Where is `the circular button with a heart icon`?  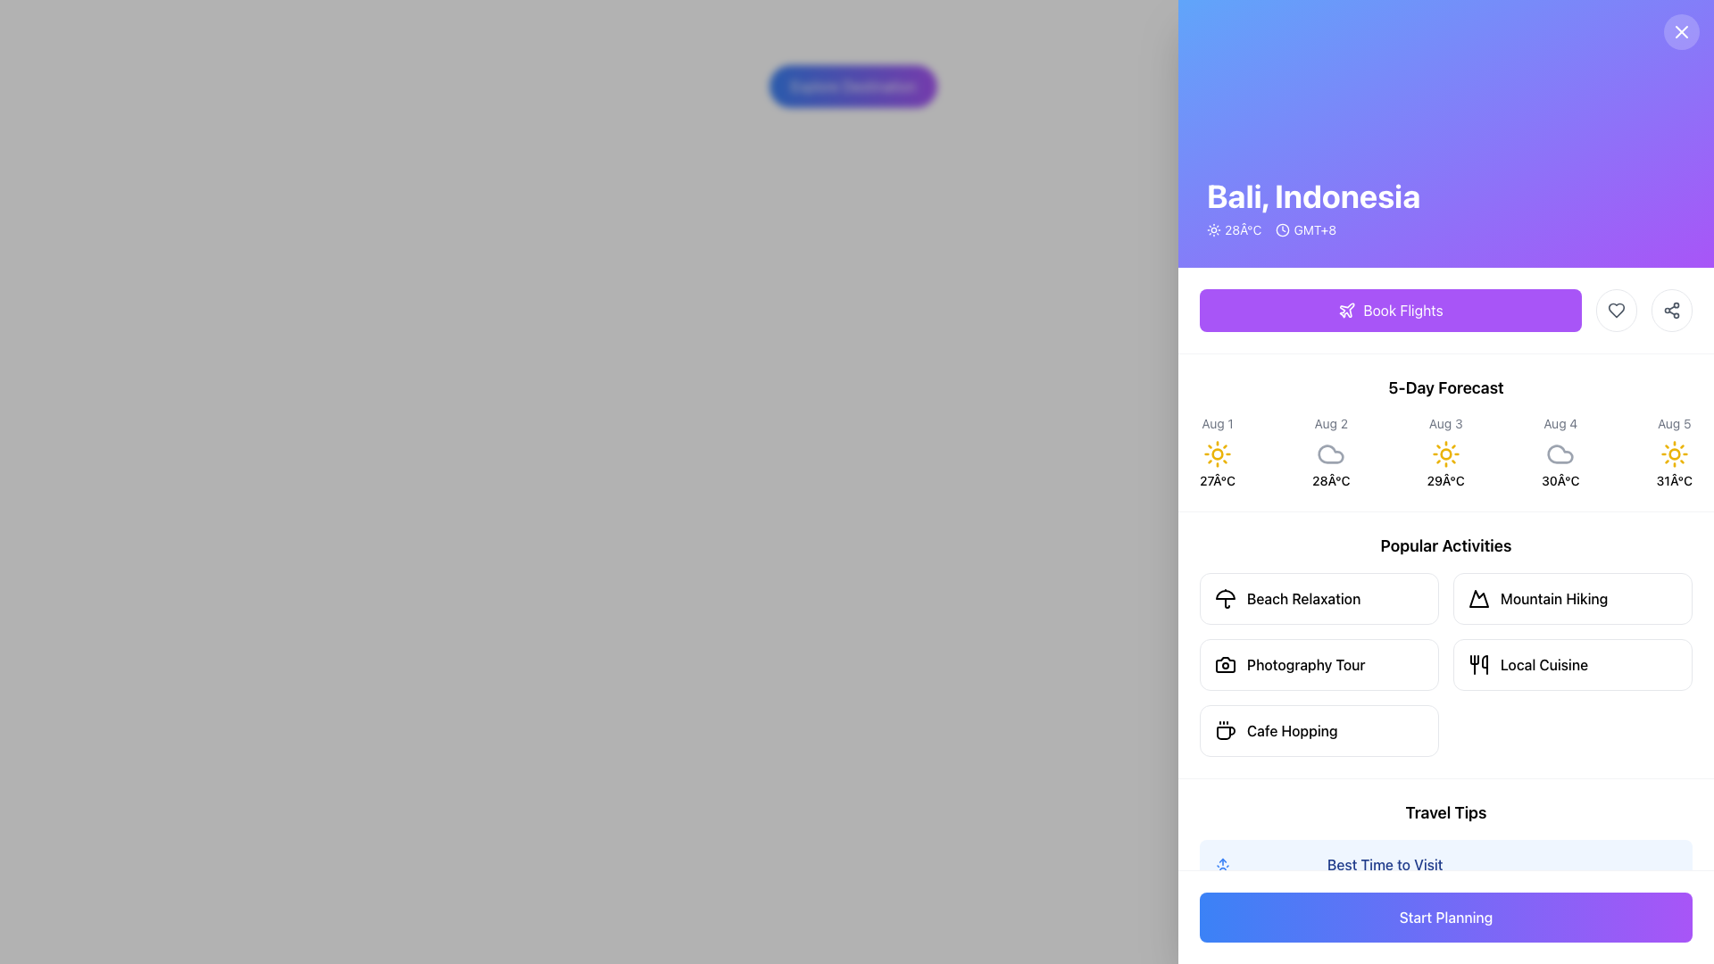
the circular button with a heart icon is located at coordinates (1616, 309).